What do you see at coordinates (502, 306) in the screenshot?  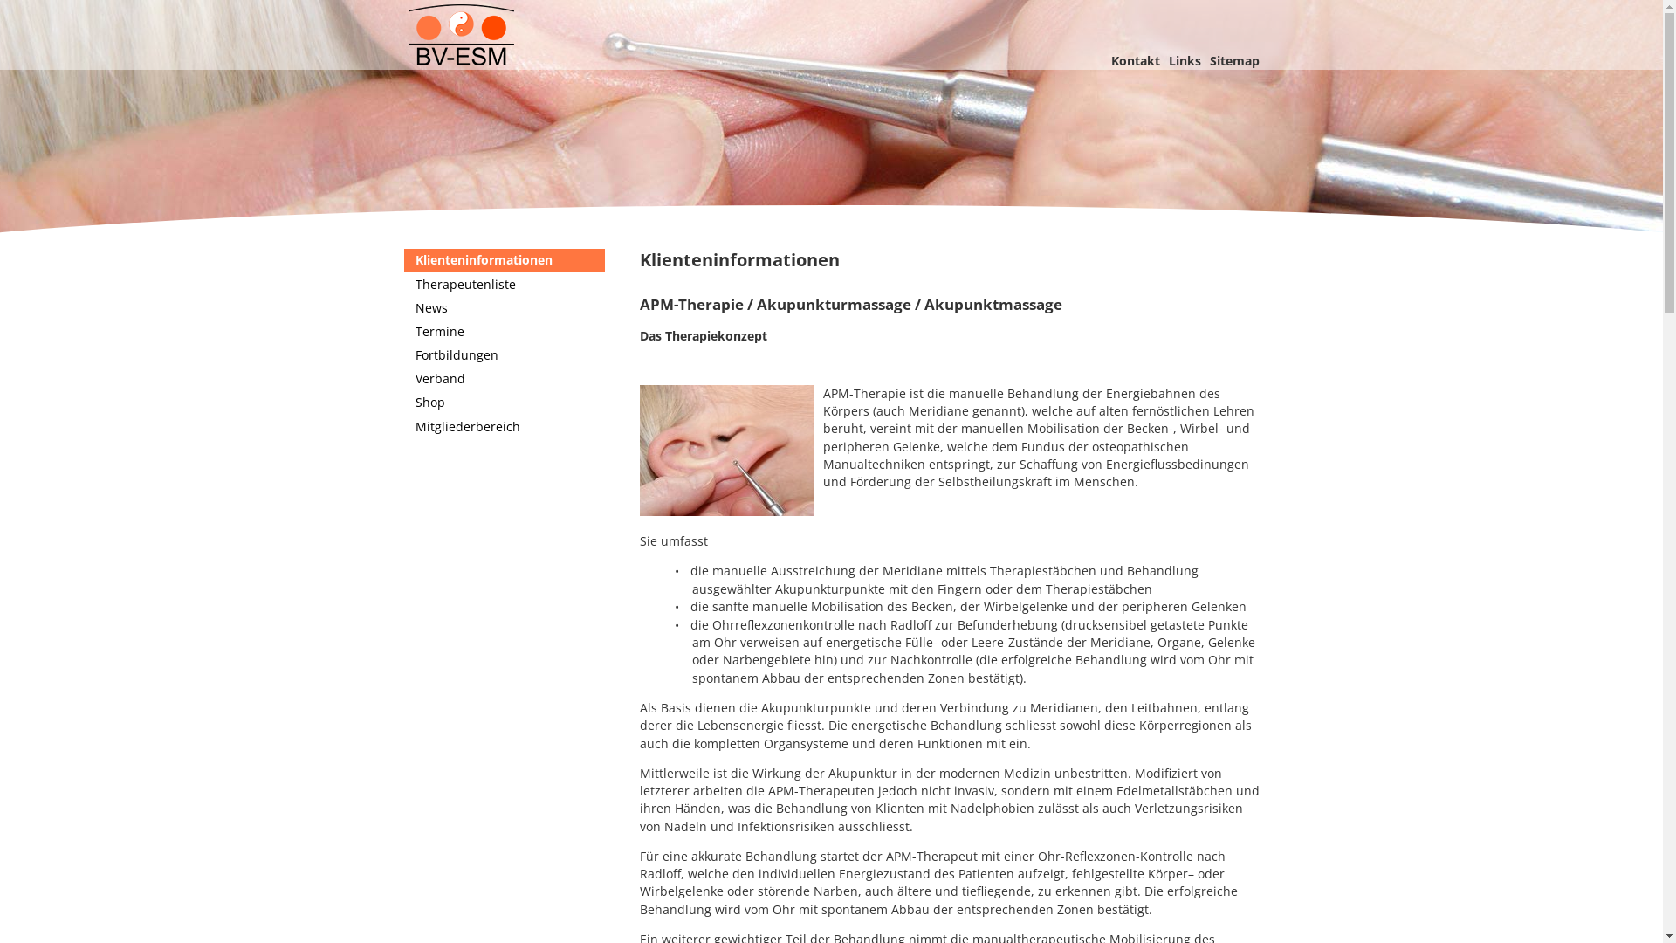 I see `'News'` at bounding box center [502, 306].